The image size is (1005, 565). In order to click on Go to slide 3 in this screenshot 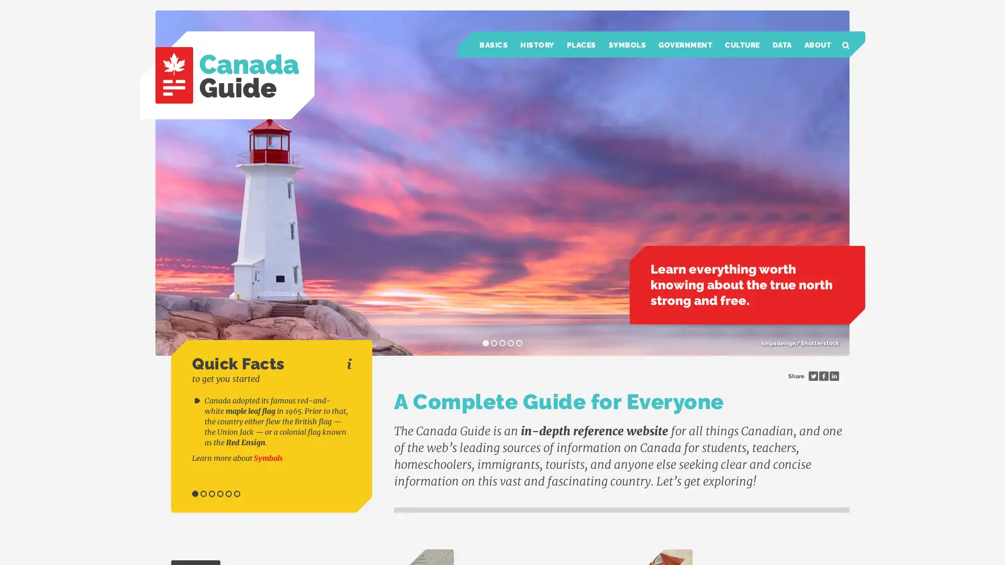, I will do `click(502, 343)`.